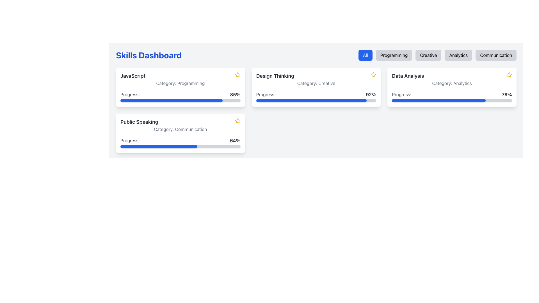 The image size is (539, 303). Describe the element at coordinates (149, 55) in the screenshot. I see `the Text Label that serves as a title or header for the section, providing context for the dashboard content` at that location.